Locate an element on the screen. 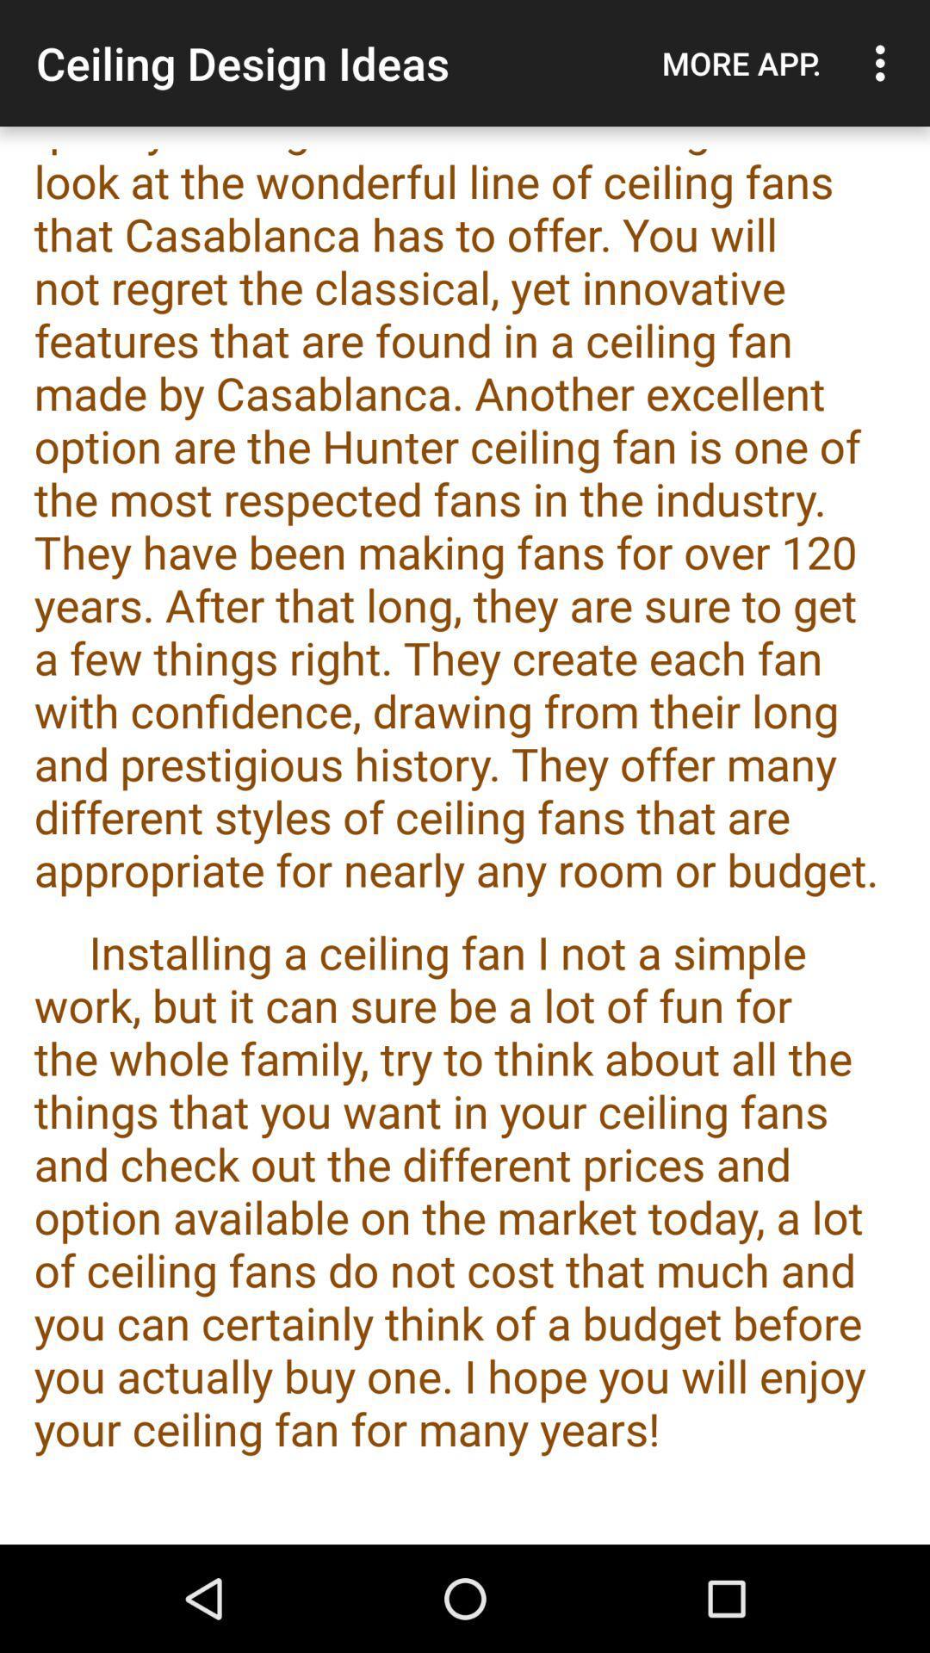 This screenshot has width=930, height=1653. the app next to the ceiling design ideas item is located at coordinates (741, 63).